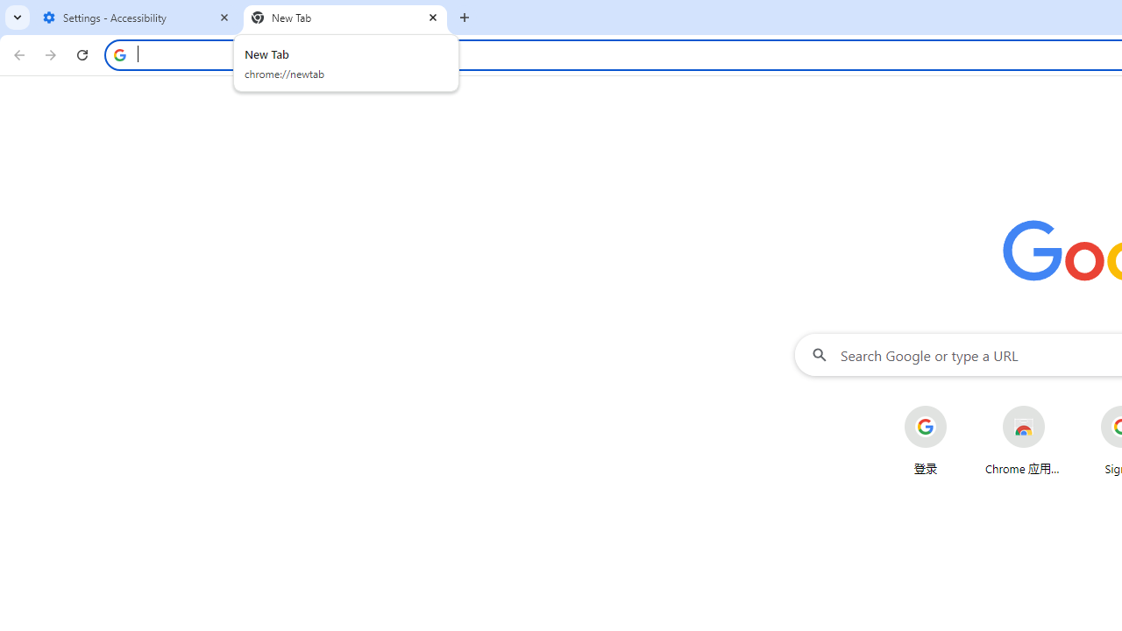 This screenshot has width=1122, height=631. Describe the element at coordinates (136, 18) in the screenshot. I see `'Settings - Accessibility'` at that location.